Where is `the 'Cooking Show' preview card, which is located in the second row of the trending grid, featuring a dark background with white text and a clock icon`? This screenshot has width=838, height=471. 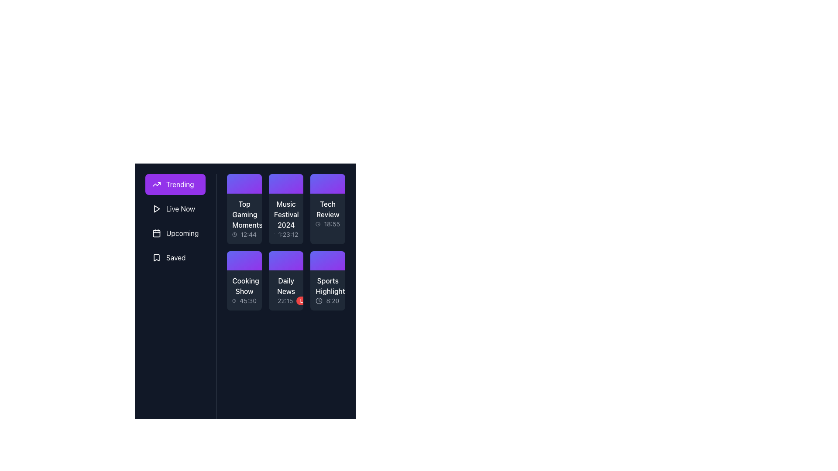
the 'Cooking Show' preview card, which is located in the second row of the trending grid, featuring a dark background with white text and a clock icon is located at coordinates (244, 290).